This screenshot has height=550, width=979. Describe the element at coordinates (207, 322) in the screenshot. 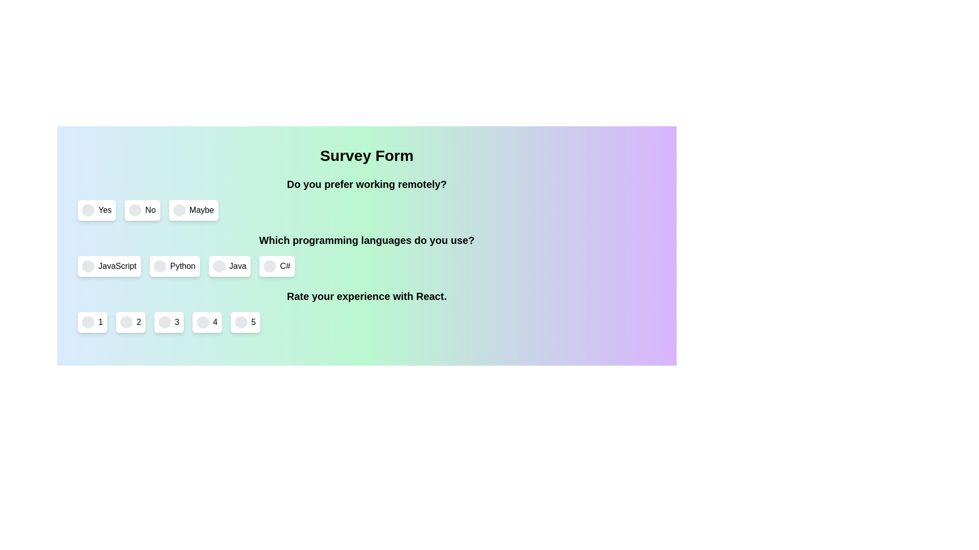

I see `the radio button labeled '4' in the 'Rate your experience with React' section, which features a gray circle and the number '4' in black text` at that location.